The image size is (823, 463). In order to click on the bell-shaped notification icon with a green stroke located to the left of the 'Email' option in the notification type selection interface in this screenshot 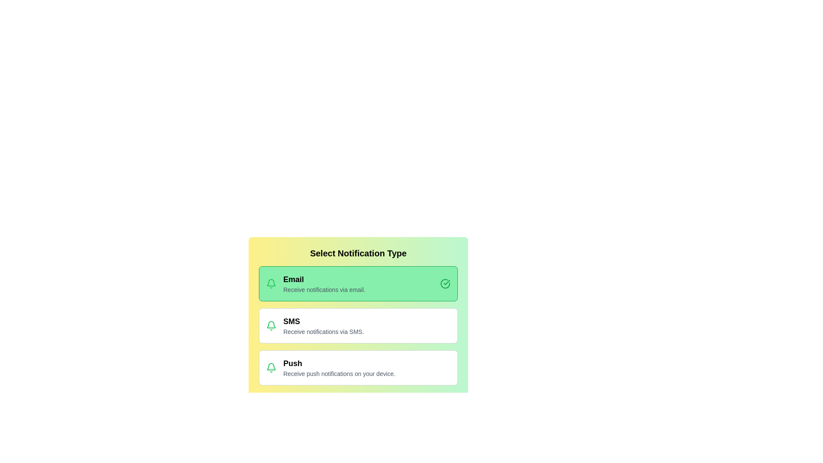, I will do `click(271, 367)`.